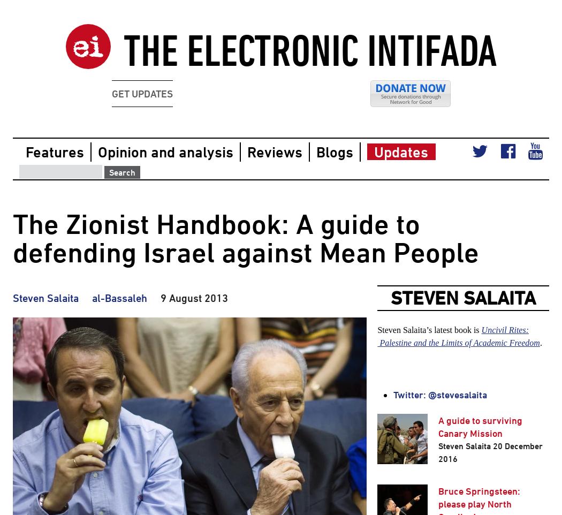 Image resolution: width=562 pixels, height=515 pixels. I want to click on 'Features', so click(25, 152).